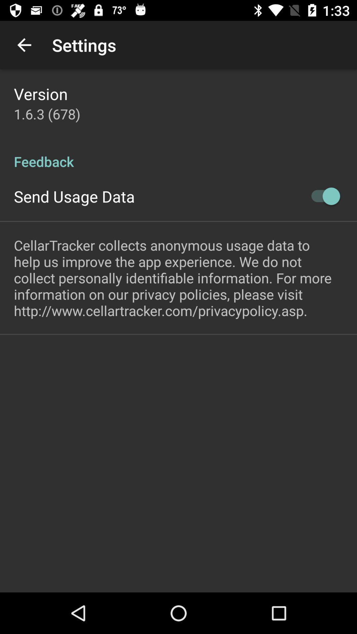  What do you see at coordinates (322, 196) in the screenshot?
I see `icon next to the send usage data app` at bounding box center [322, 196].